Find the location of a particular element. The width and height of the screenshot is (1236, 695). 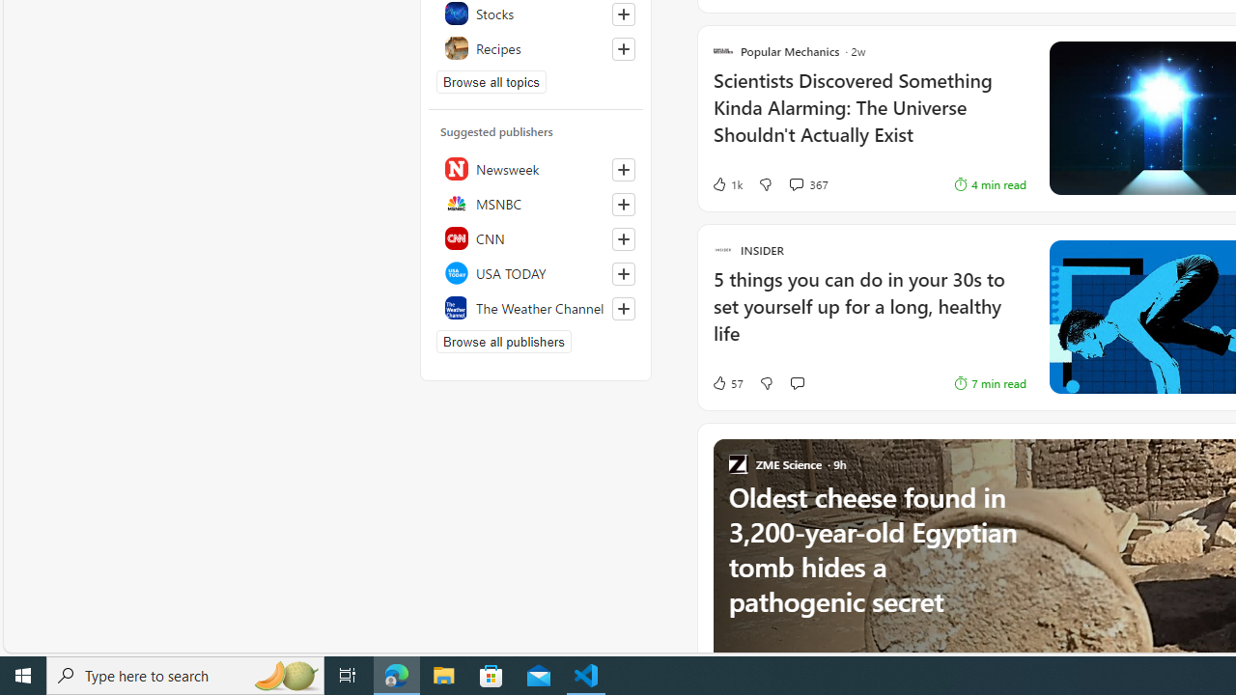

'CNN' is located at coordinates (536, 236).